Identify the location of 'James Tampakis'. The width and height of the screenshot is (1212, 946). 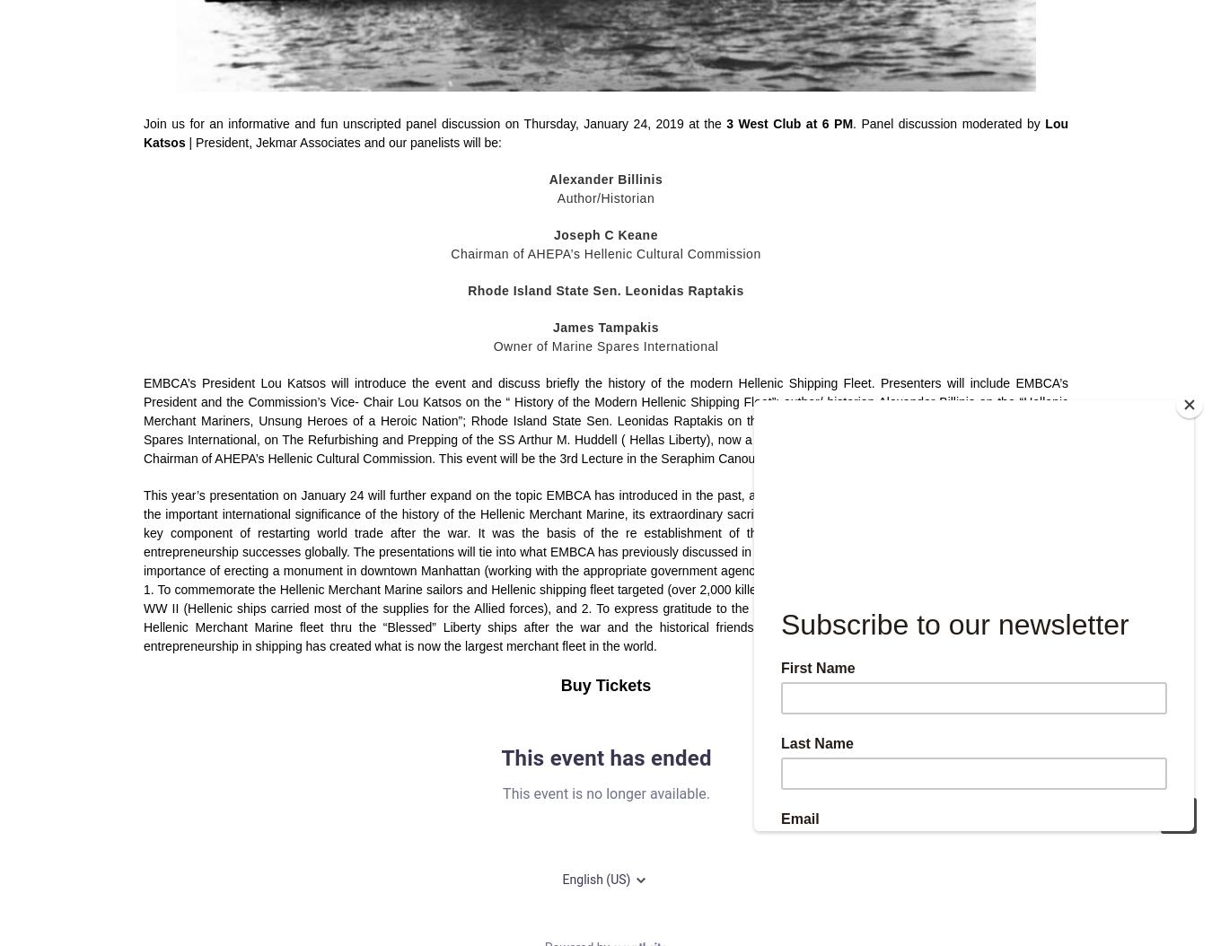
(605, 327).